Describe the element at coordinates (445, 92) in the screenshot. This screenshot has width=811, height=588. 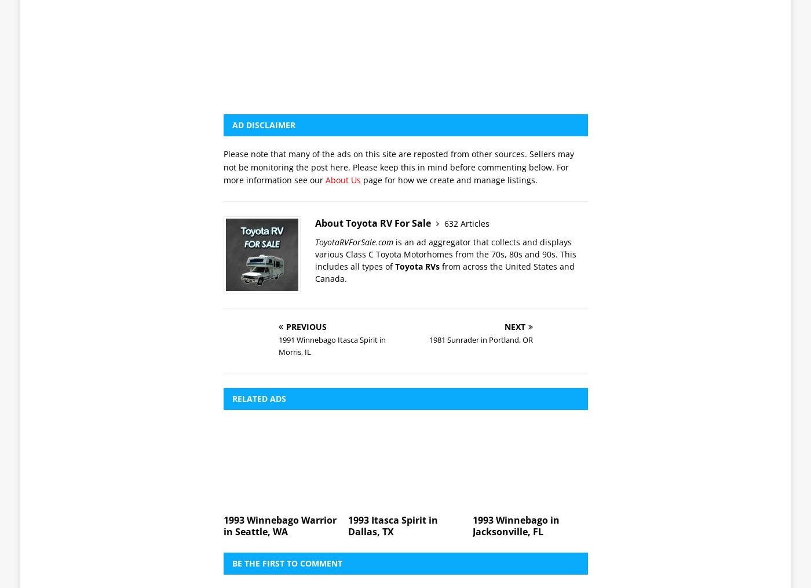
I see `'is an ad aggregator that collects and displays various Class C Toyota Motorhomes from the 70s, 80s and 90s.  This includes all types of'` at that location.